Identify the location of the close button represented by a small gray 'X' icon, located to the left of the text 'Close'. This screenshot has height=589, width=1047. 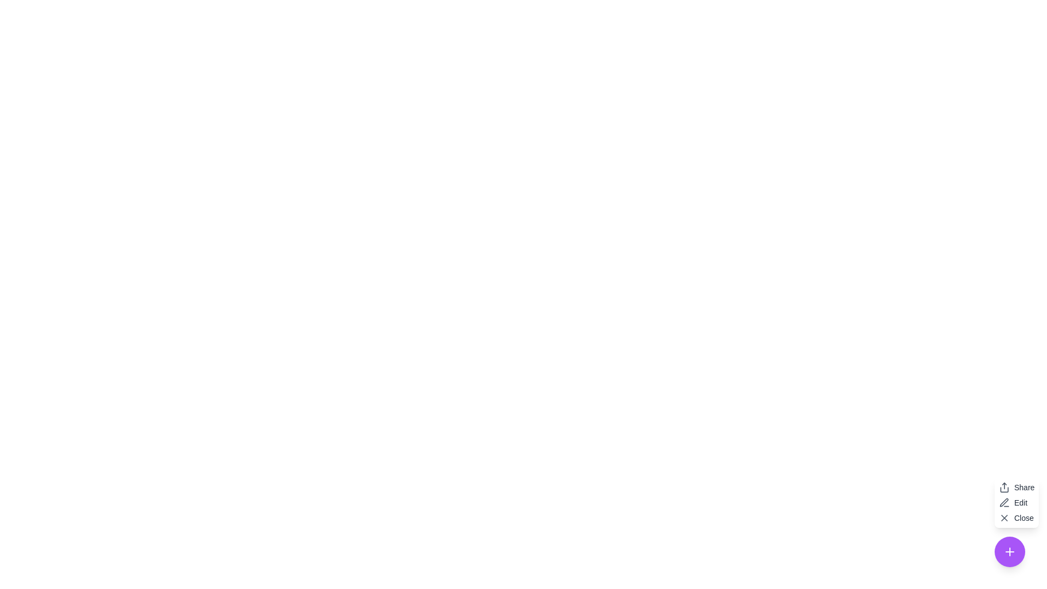
(1004, 517).